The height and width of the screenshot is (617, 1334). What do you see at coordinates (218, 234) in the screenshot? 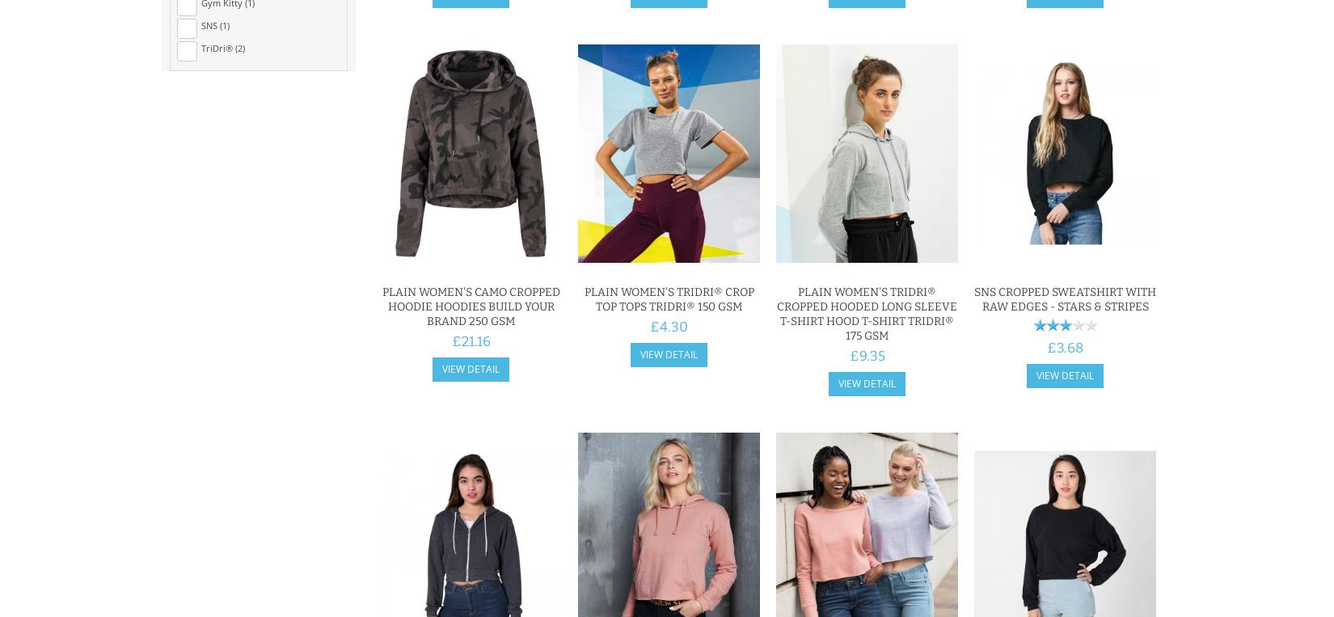
I see `'Nude (2)'` at bounding box center [218, 234].